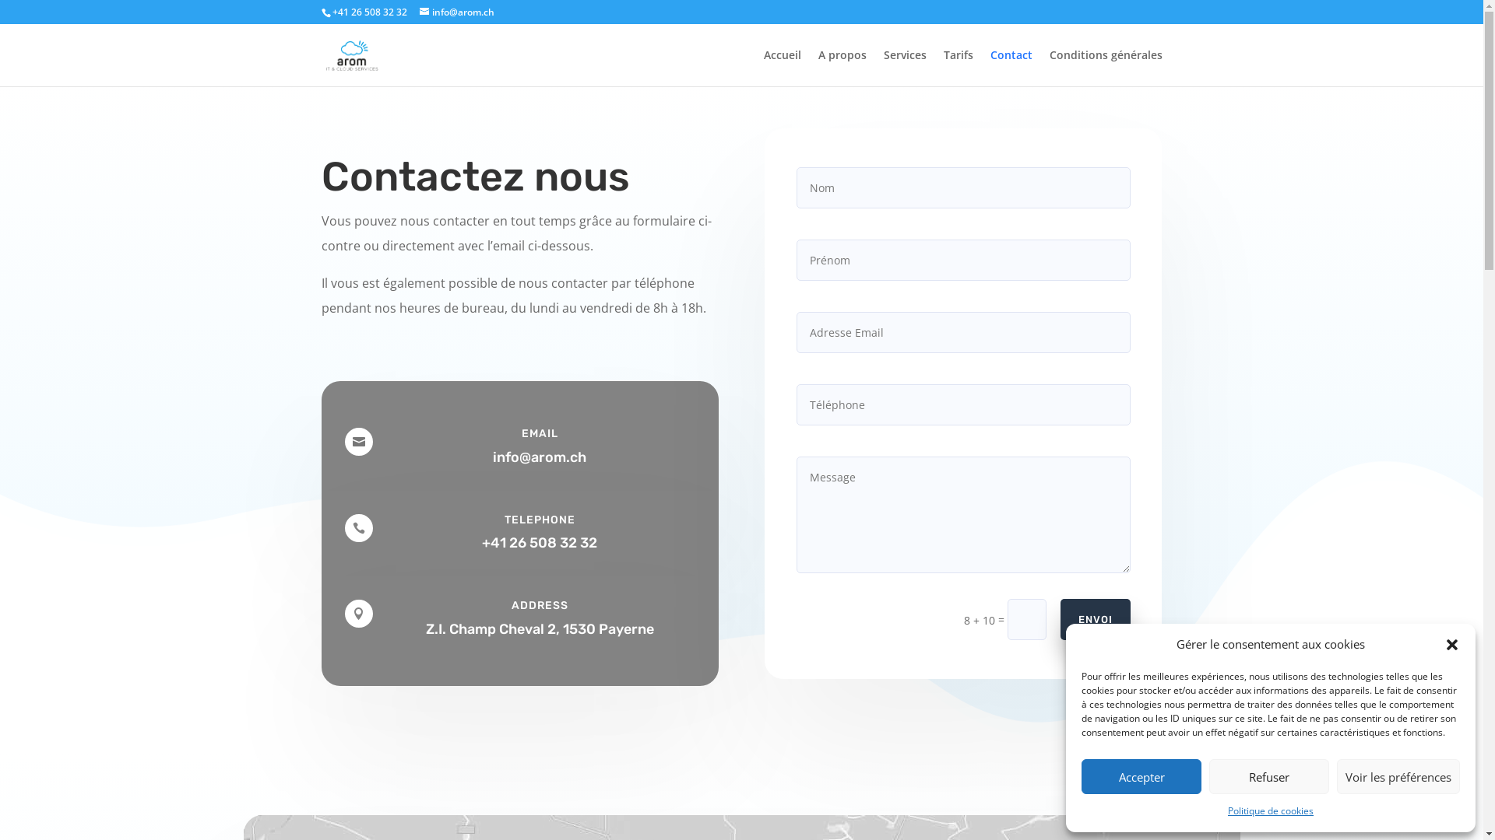  Describe the element at coordinates (957, 67) in the screenshot. I see `'Tarifs'` at that location.